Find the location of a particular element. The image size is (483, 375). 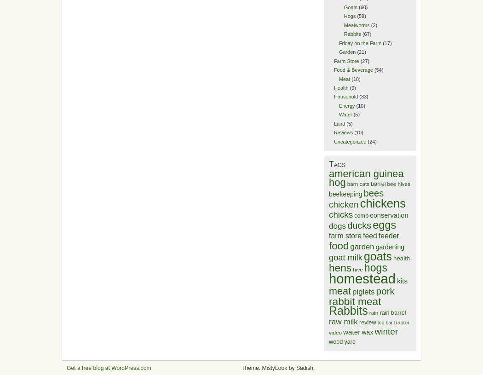

'review' is located at coordinates (367, 322).